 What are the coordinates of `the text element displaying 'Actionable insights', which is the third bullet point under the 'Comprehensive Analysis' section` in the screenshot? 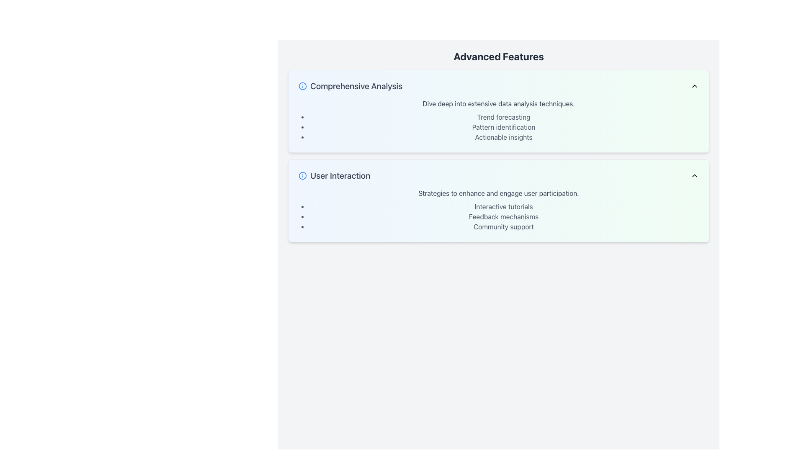 It's located at (503, 136).